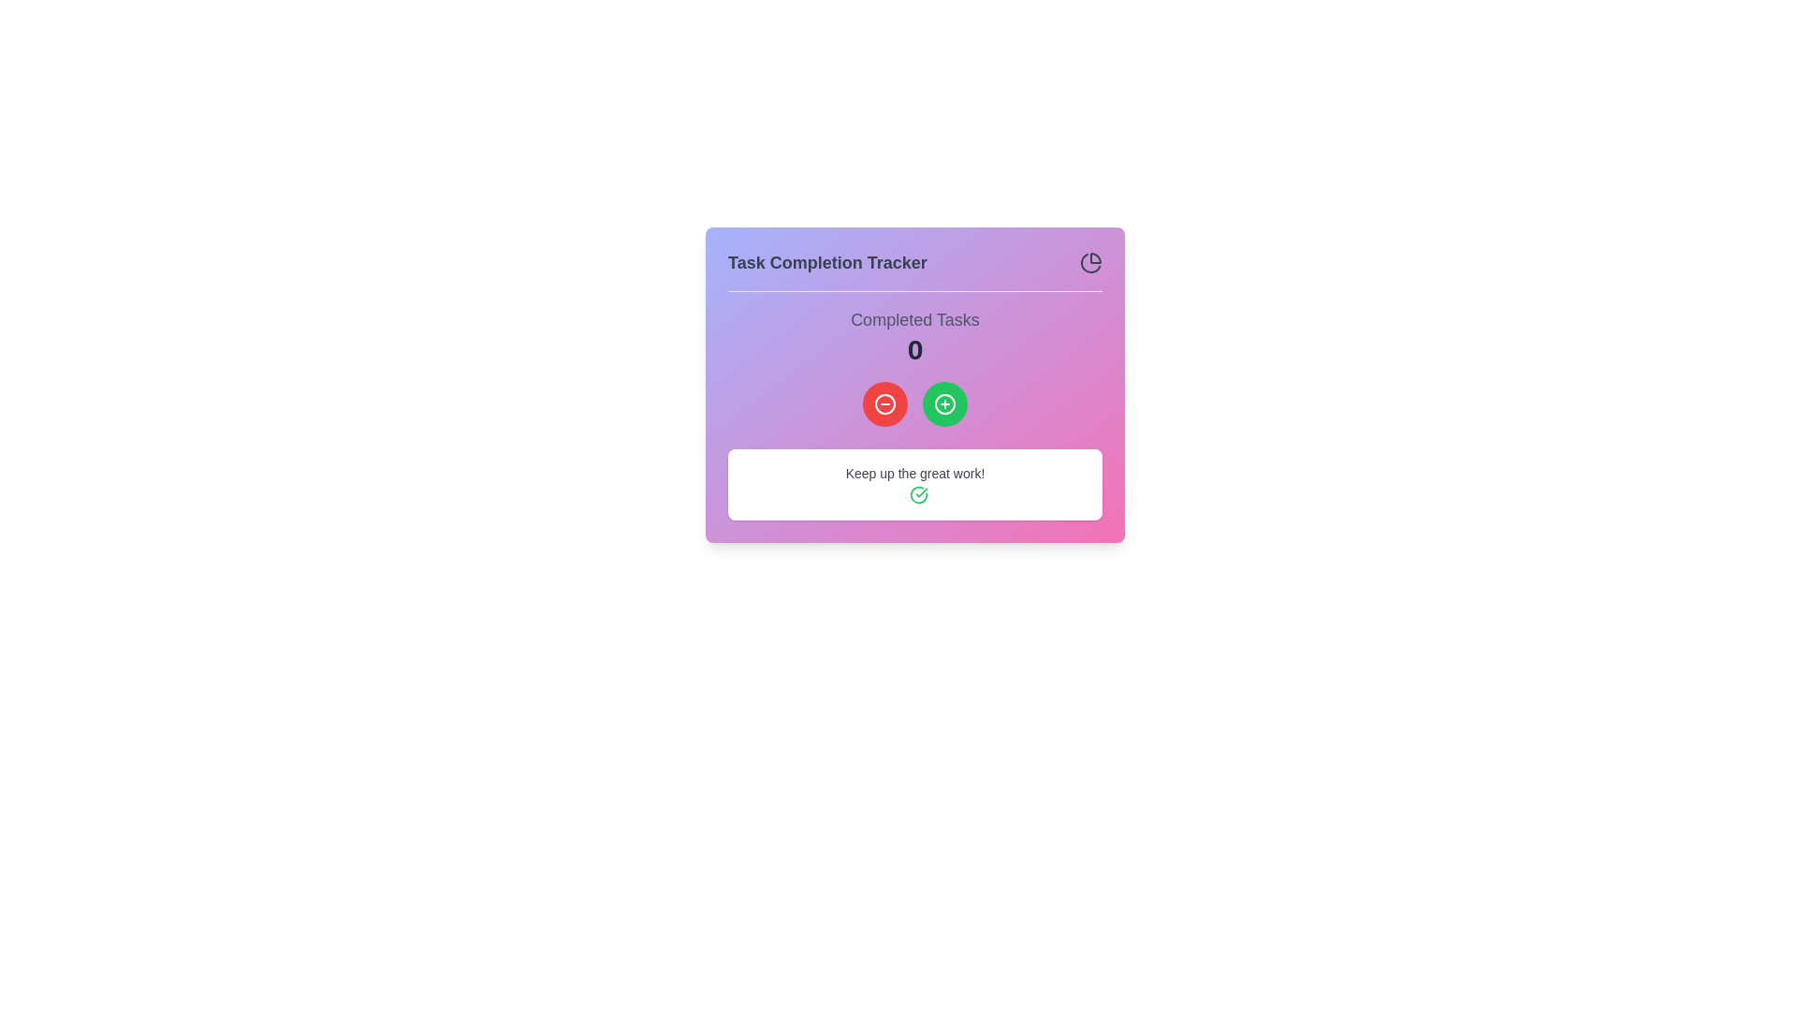 The image size is (1797, 1011). What do you see at coordinates (944, 403) in the screenshot?
I see `the increment button located to the right of the red circular button to activate the hover effect` at bounding box center [944, 403].